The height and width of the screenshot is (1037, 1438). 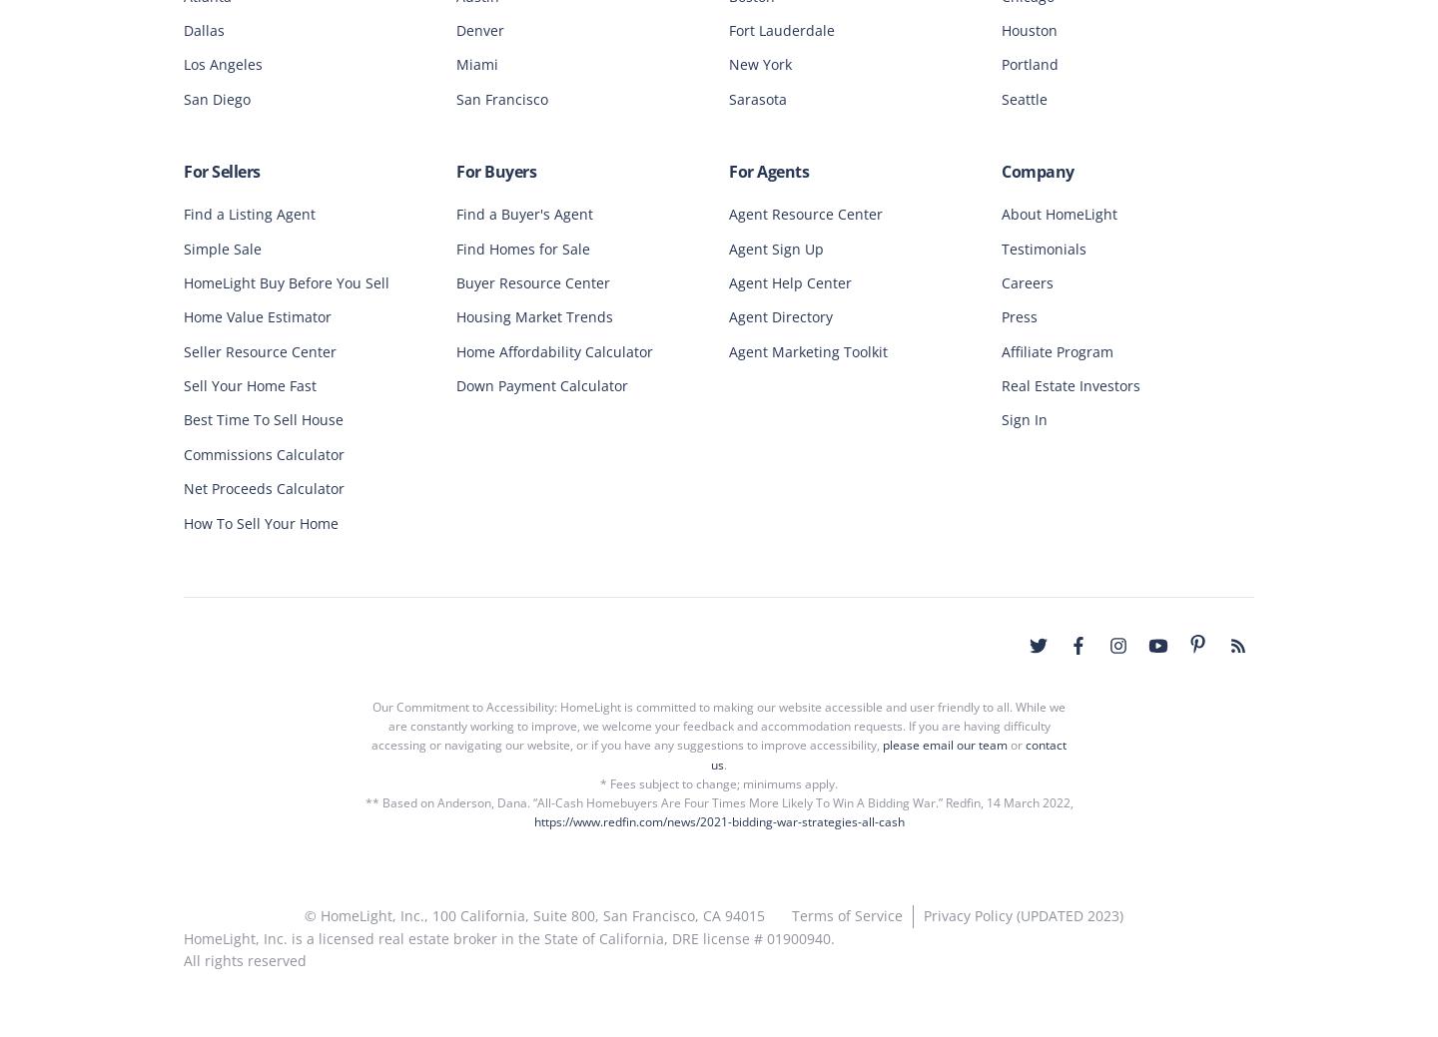 I want to click on 'San Diego', so click(x=217, y=96).